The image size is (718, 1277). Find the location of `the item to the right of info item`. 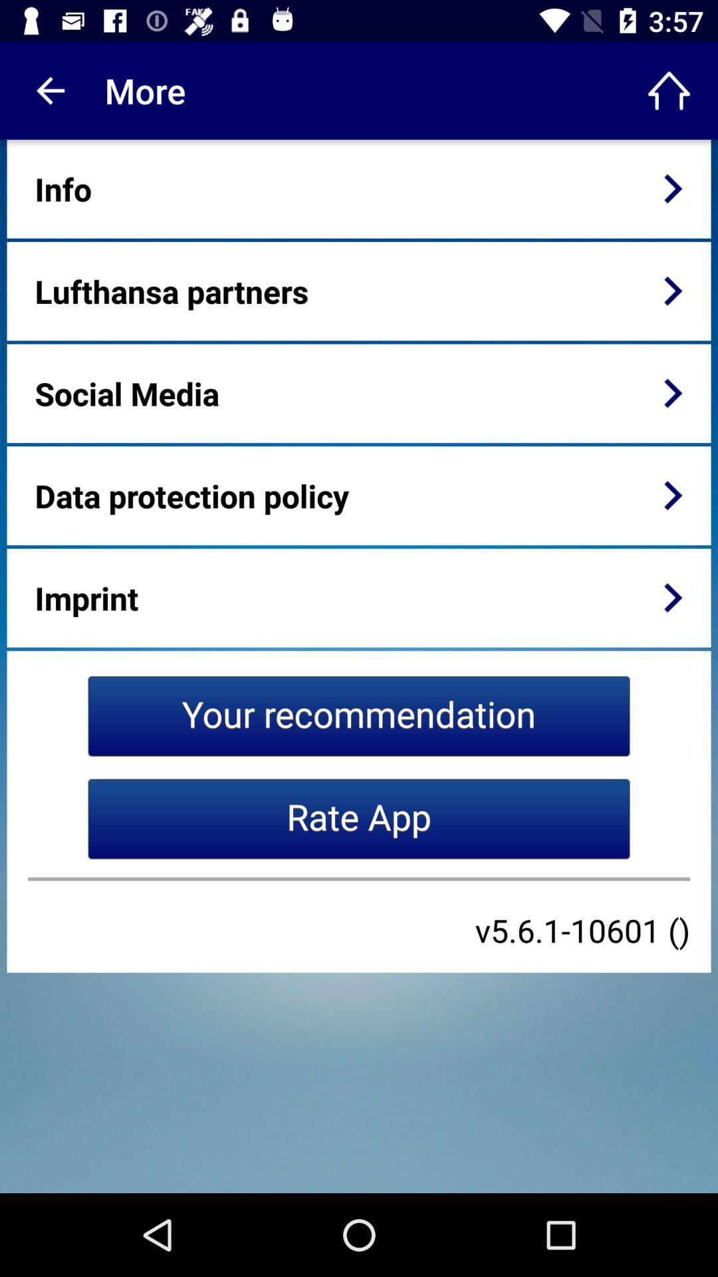

the item to the right of info item is located at coordinates (673, 188).